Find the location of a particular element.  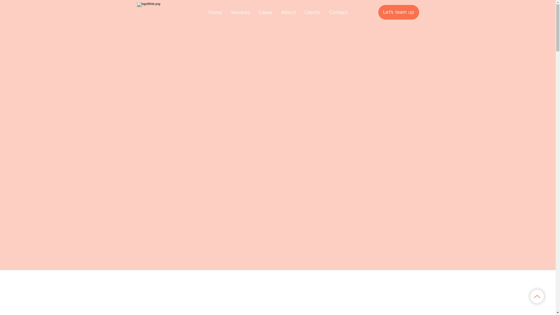

'Let's team up' is located at coordinates (378, 12).